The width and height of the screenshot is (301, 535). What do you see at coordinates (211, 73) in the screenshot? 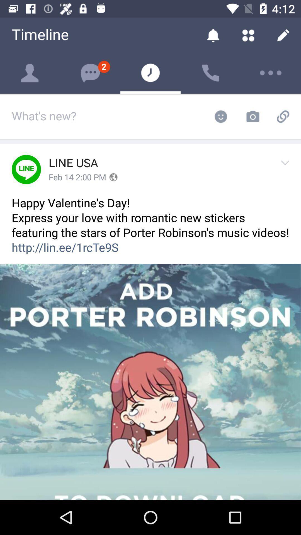
I see `the call icon` at bounding box center [211, 73].